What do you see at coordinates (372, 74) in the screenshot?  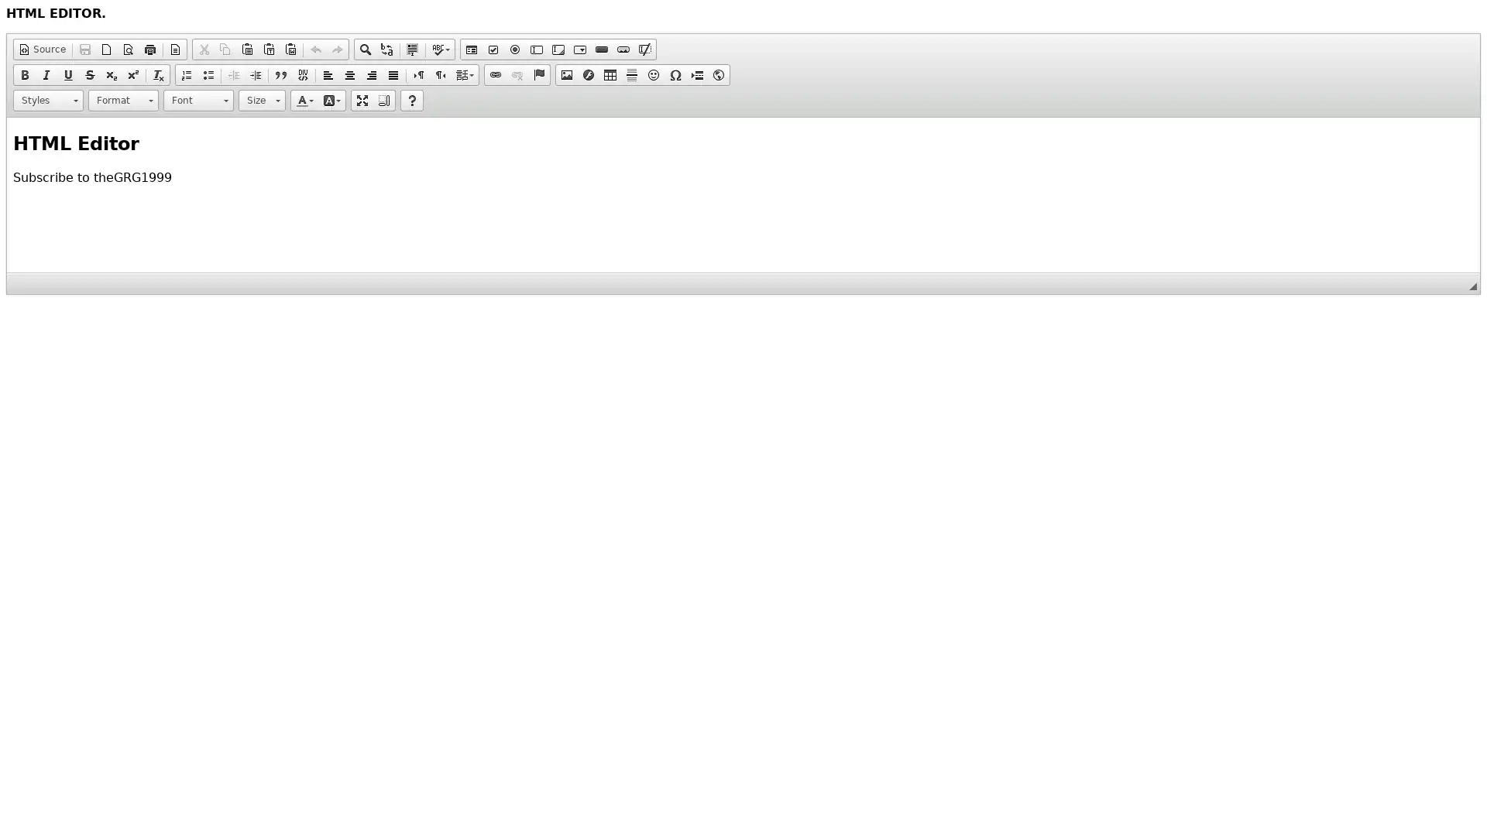 I see `Align Right` at bounding box center [372, 74].